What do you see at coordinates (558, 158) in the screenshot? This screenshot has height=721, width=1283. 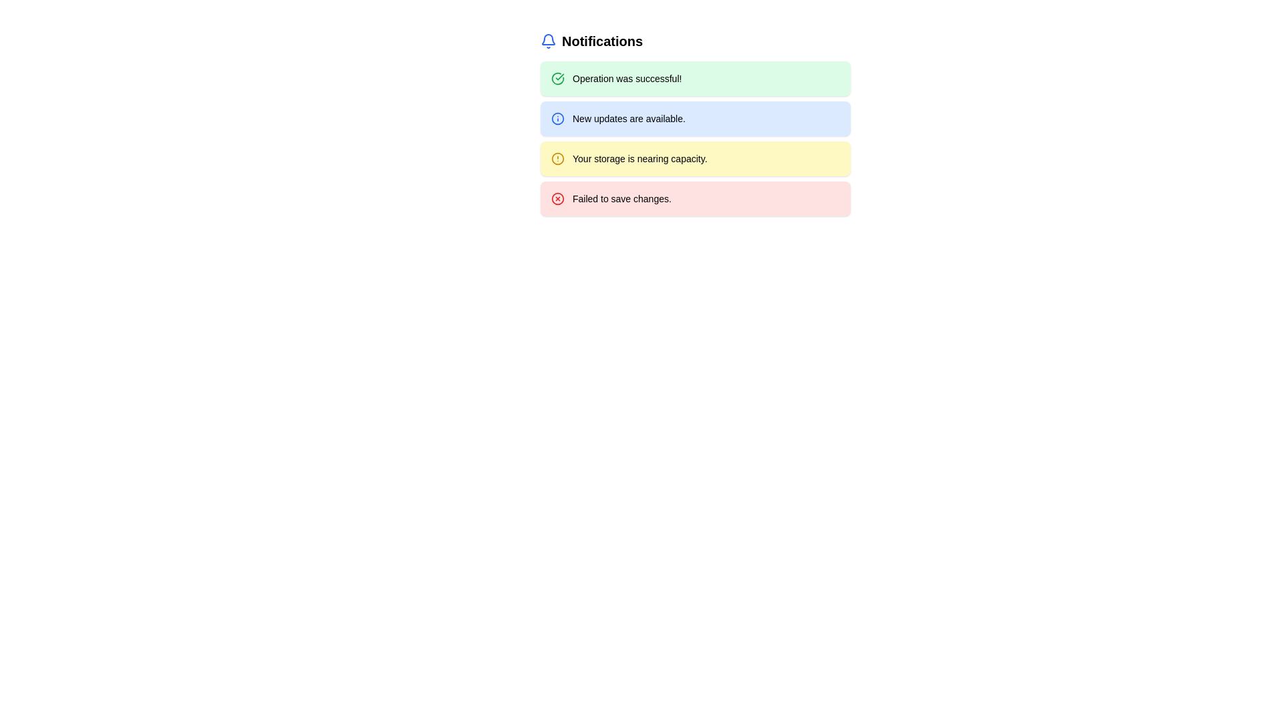 I see `the cautionary circle icon within the yellow rectangle in the notification stating 'Your storage is nearing capacity.'` at bounding box center [558, 158].